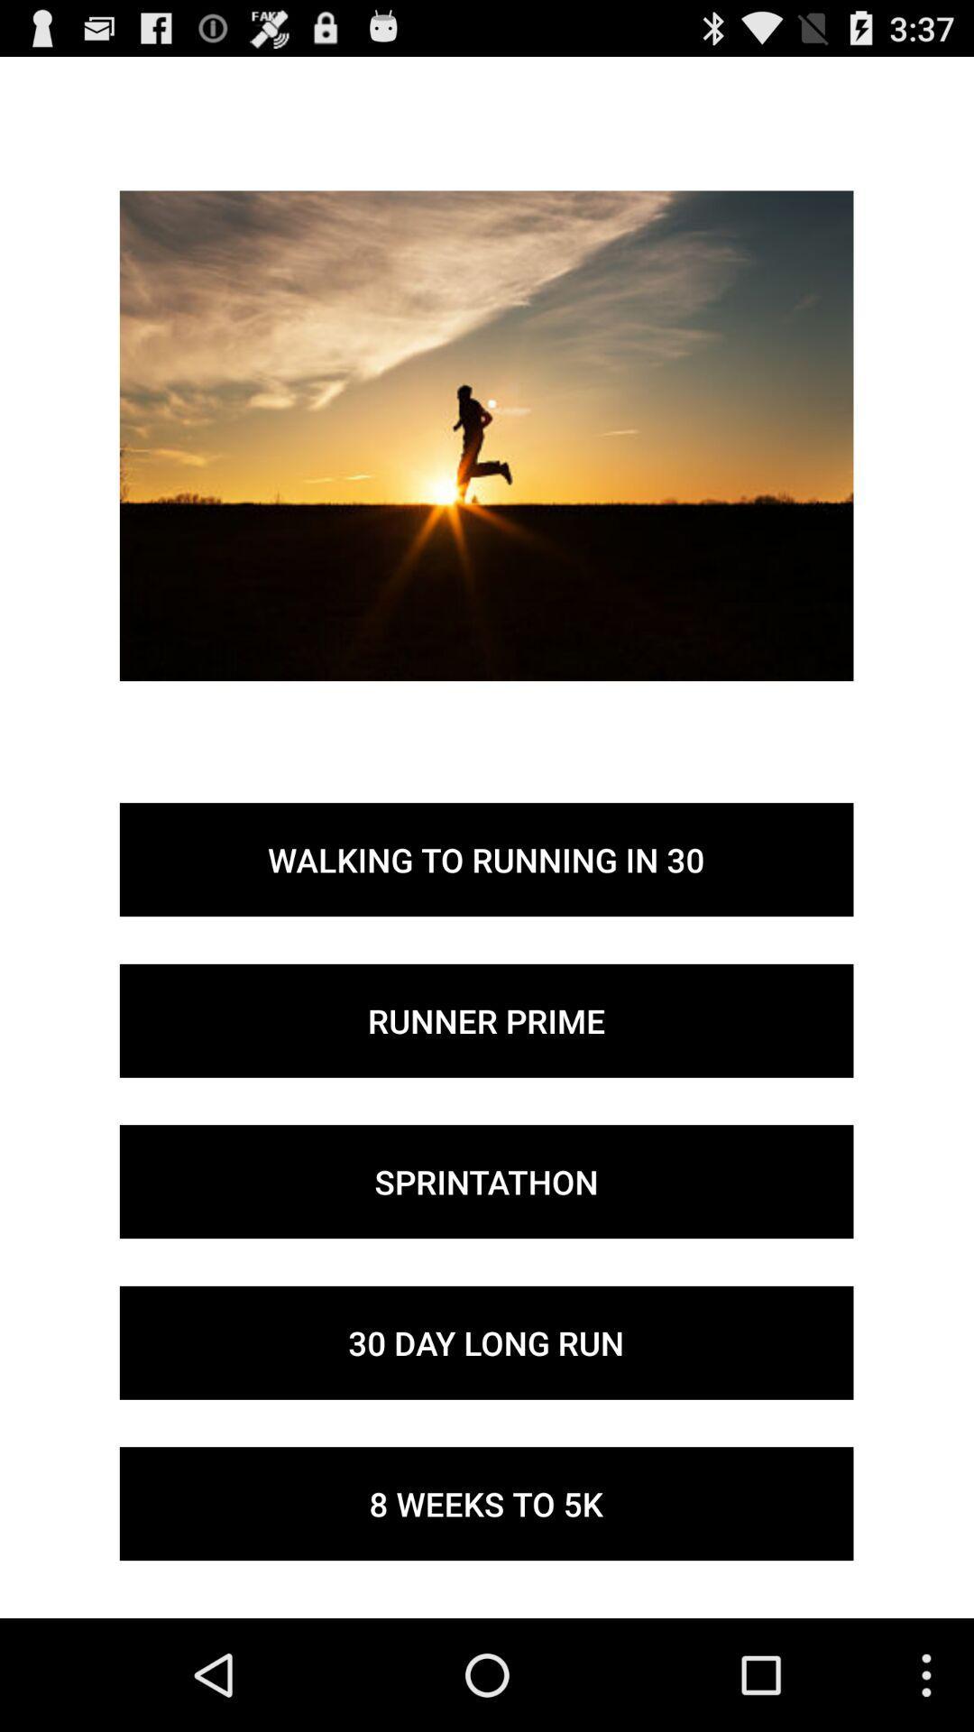 The width and height of the screenshot is (974, 1732). What do you see at coordinates (485, 1342) in the screenshot?
I see `30 day long icon` at bounding box center [485, 1342].